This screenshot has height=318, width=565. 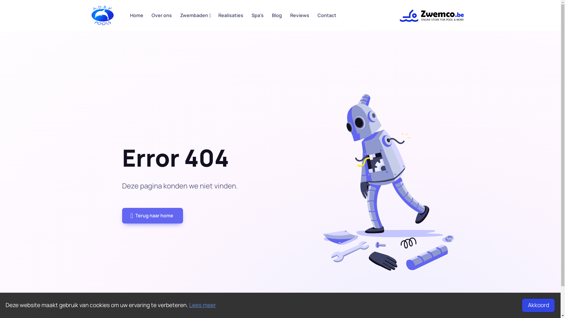 I want to click on 'Contact', so click(x=313, y=15).